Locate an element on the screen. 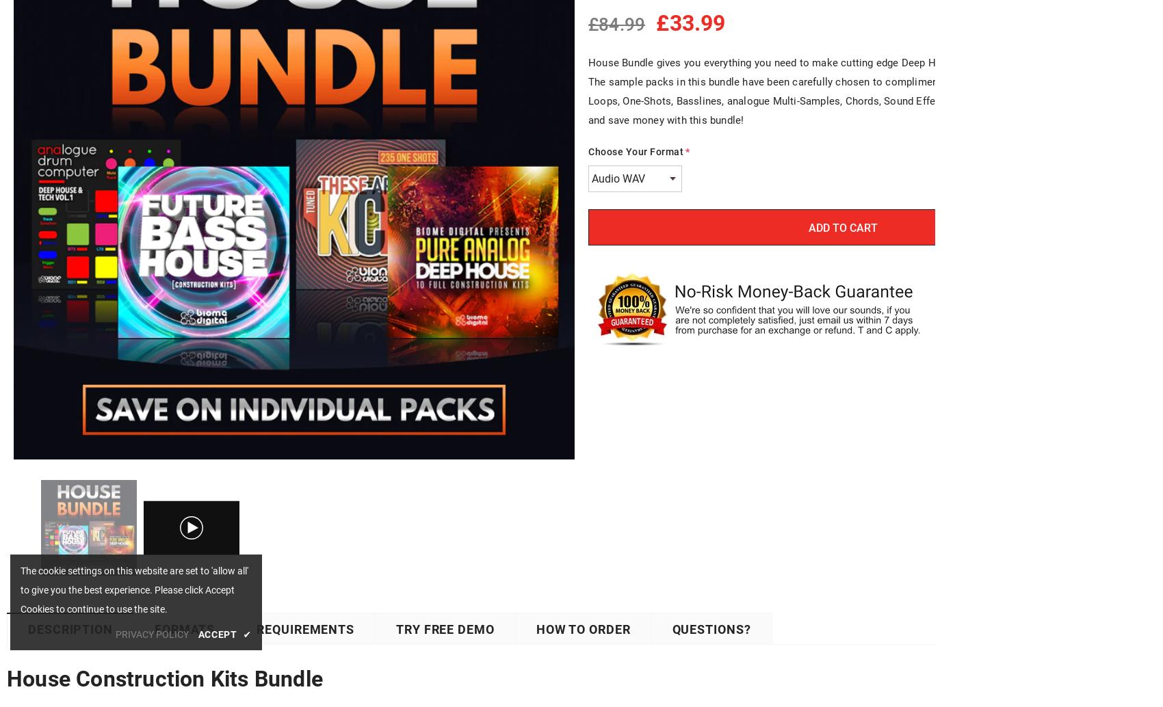 This screenshot has width=1163, height=707. 'Questions?' is located at coordinates (710, 628).